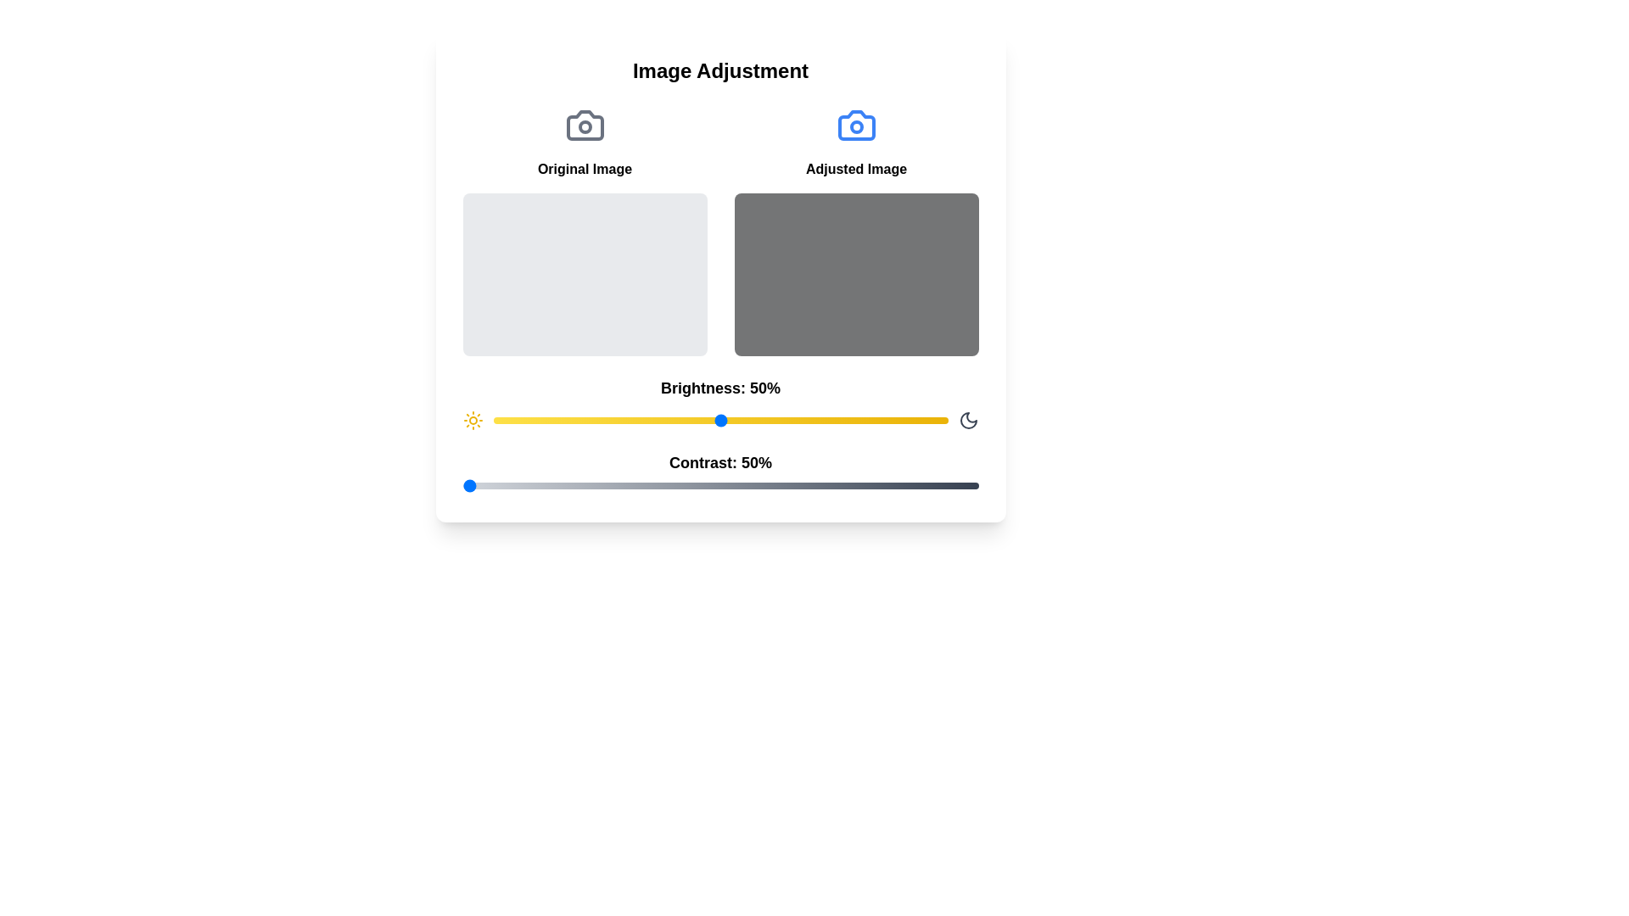  What do you see at coordinates (585, 124) in the screenshot?
I see `the minimalist gray camera icon located at the top of the 'Image Adjustment' frame, which is directly above the 'Original Image' text for selection` at bounding box center [585, 124].